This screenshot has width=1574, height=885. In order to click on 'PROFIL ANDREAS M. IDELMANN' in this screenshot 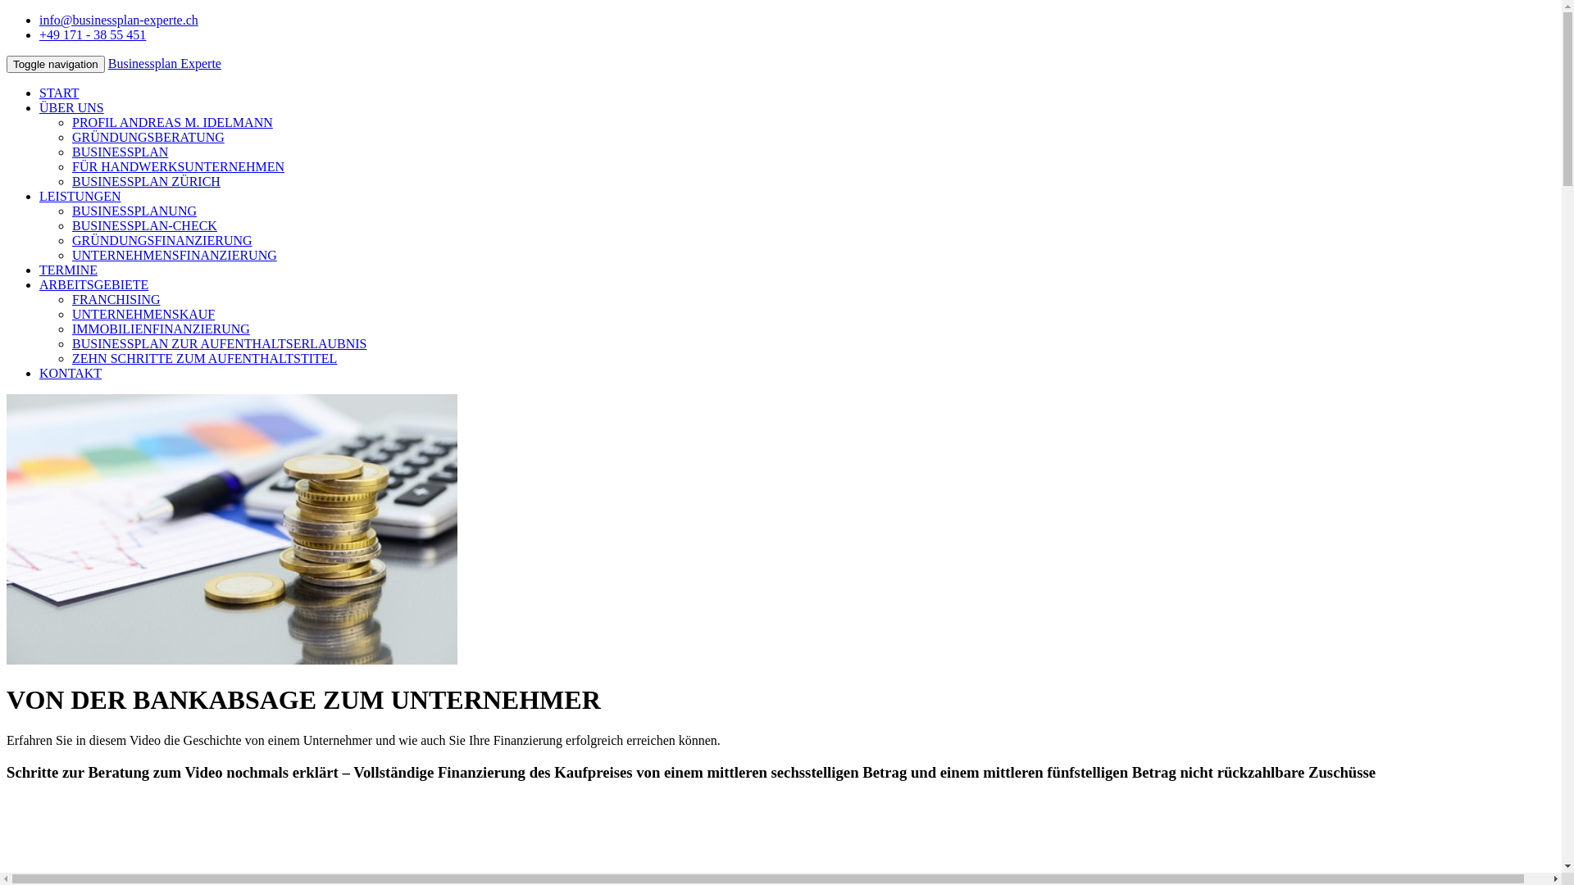, I will do `click(71, 121)`.